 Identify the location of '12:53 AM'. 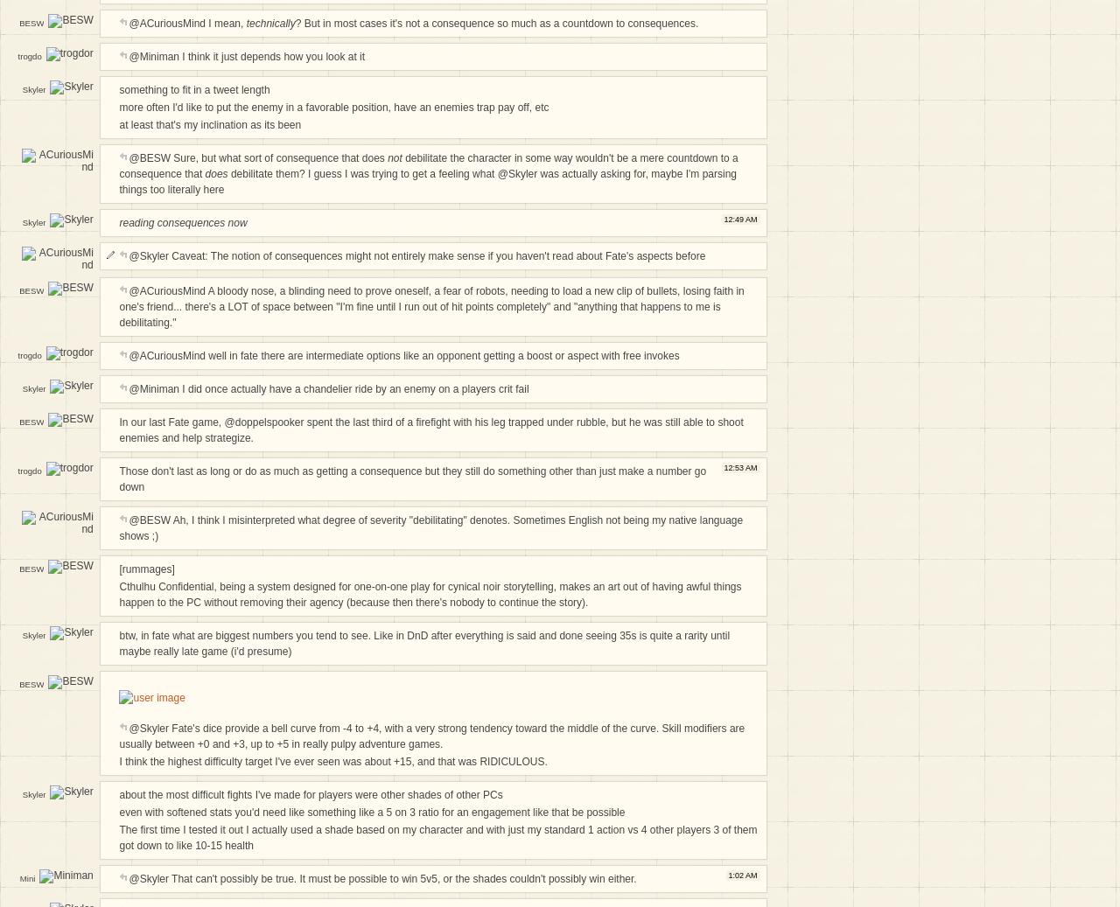
(724, 466).